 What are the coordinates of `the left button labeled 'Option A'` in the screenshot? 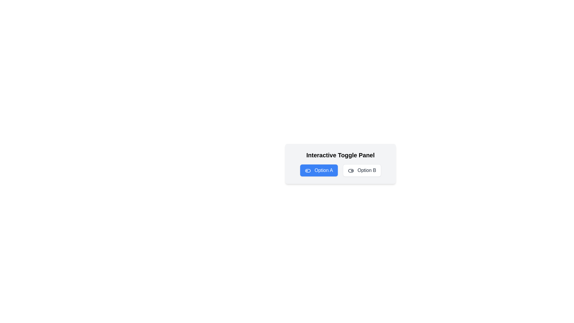 It's located at (318, 170).